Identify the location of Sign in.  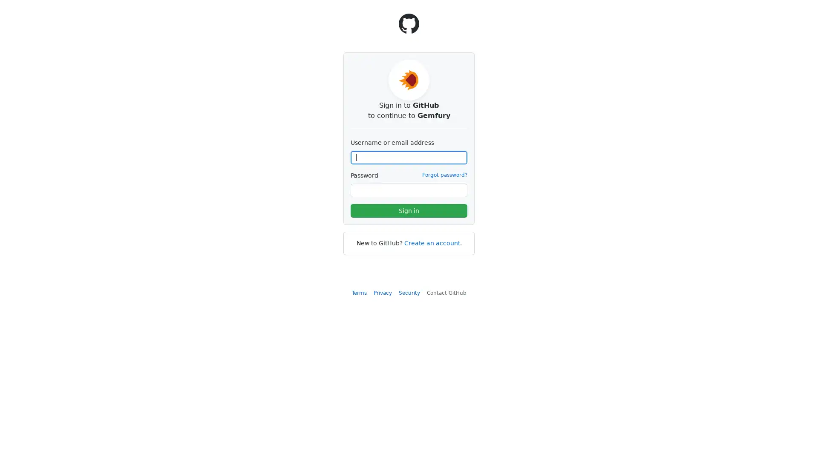
(409, 210).